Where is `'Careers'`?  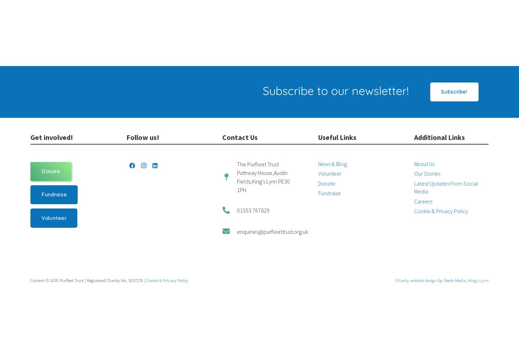 'Careers' is located at coordinates (423, 201).